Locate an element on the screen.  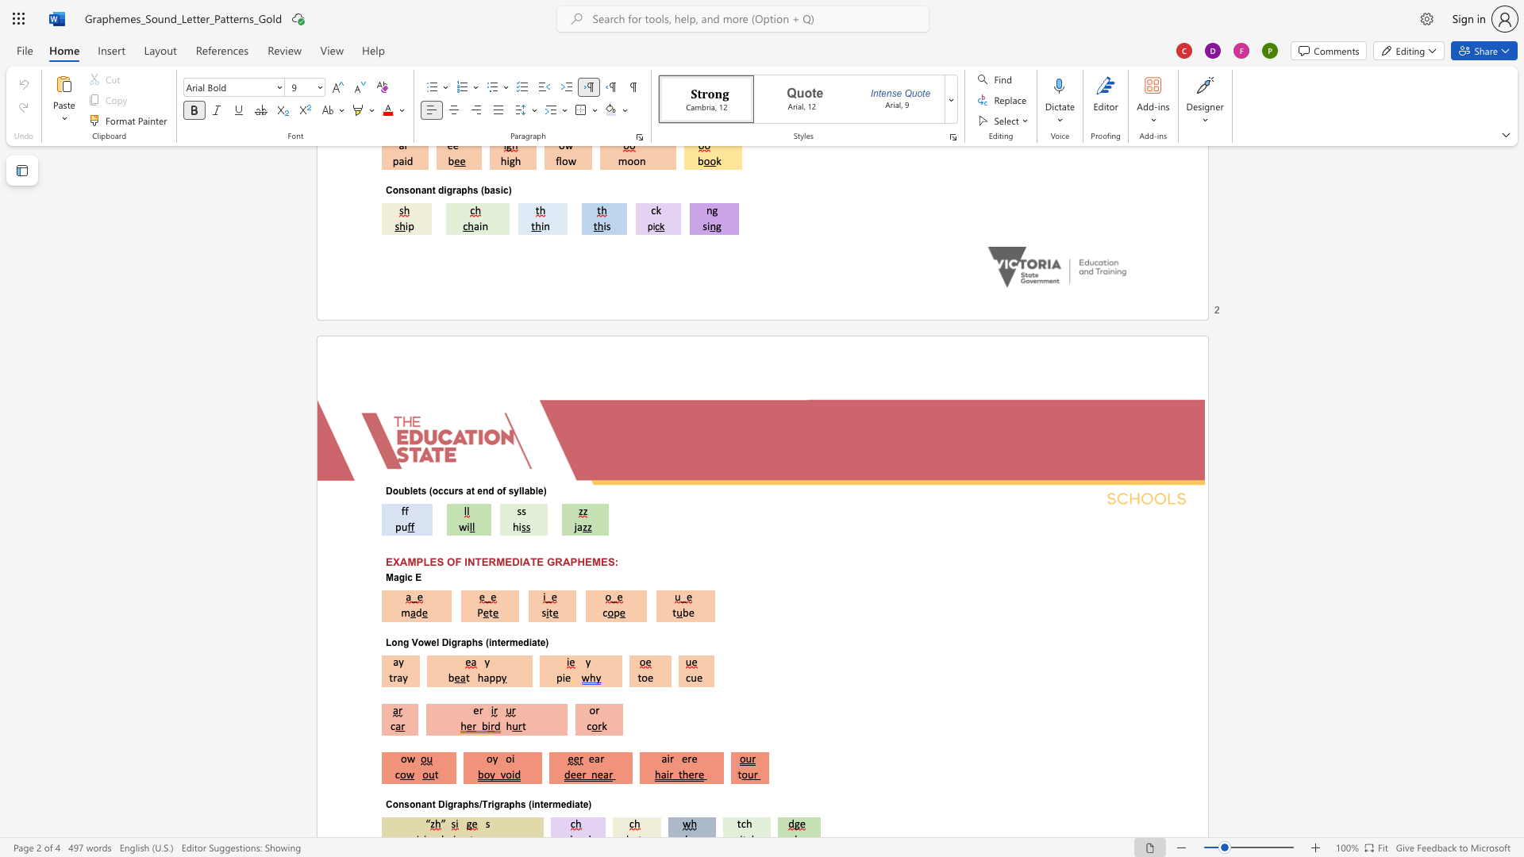
the 1th character "d" in the text is located at coordinates (491, 490).